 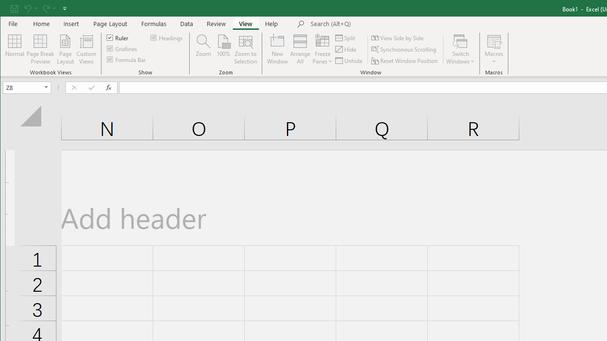 I want to click on 'Save', so click(x=14, y=8).